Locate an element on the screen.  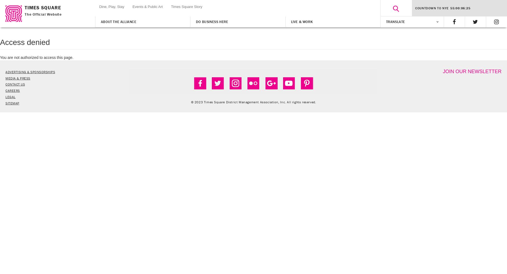
'Live & Work' is located at coordinates (301, 21).